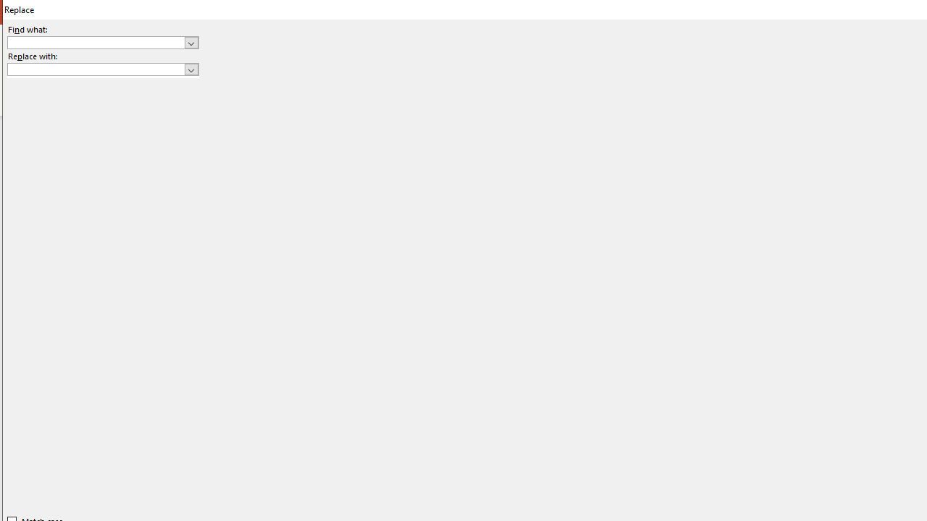 The height and width of the screenshot is (521, 927). Describe the element at coordinates (96, 69) in the screenshot. I see `'Replace with'` at that location.